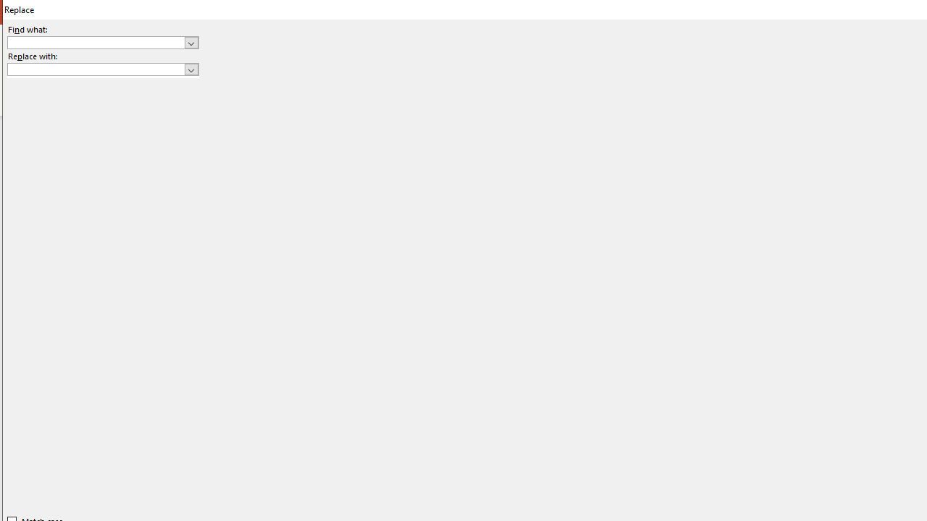 The height and width of the screenshot is (521, 927). Describe the element at coordinates (96, 69) in the screenshot. I see `'Replace with'` at that location.